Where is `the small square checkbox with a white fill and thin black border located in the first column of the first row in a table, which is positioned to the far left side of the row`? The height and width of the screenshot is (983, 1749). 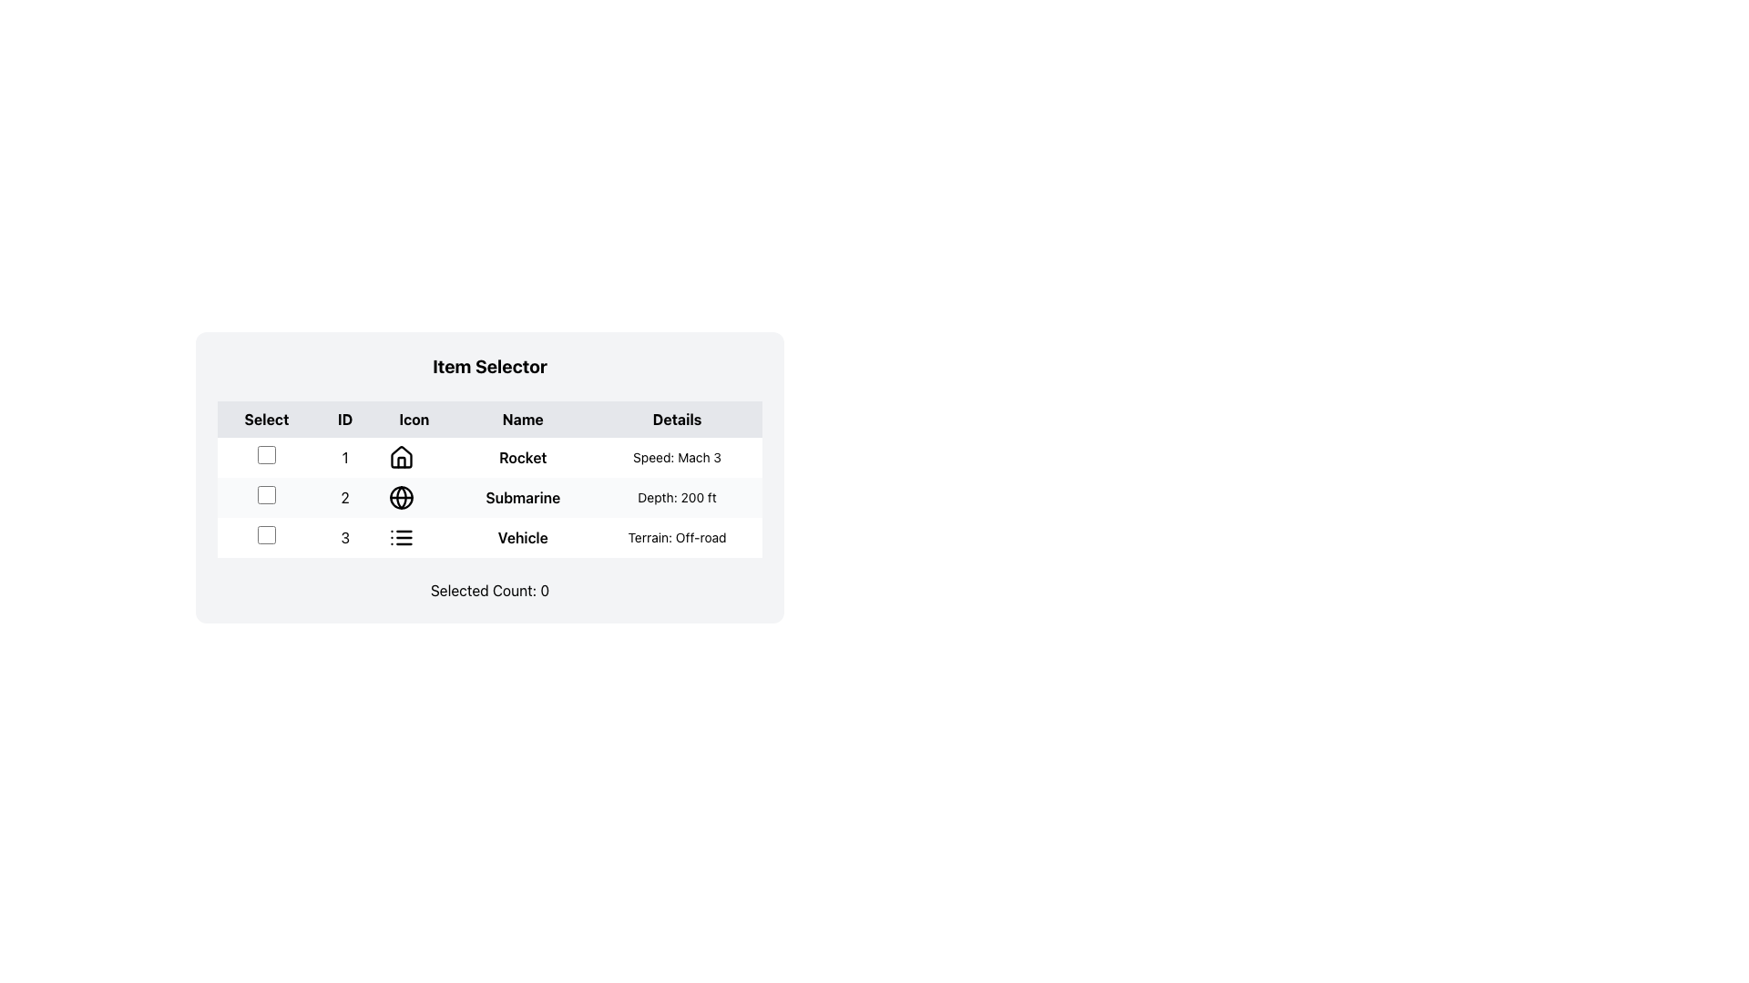
the small square checkbox with a white fill and thin black border located in the first column of the first row in a table, which is positioned to the far left side of the row is located at coordinates (265, 456).